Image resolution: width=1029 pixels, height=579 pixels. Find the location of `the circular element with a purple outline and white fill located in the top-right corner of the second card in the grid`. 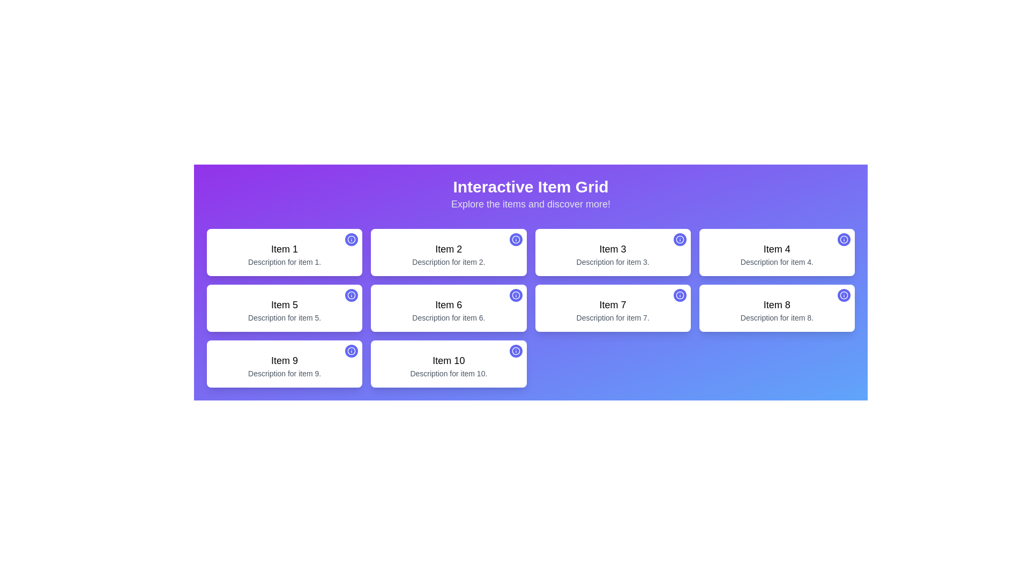

the circular element with a purple outline and white fill located in the top-right corner of the second card in the grid is located at coordinates (516, 239).